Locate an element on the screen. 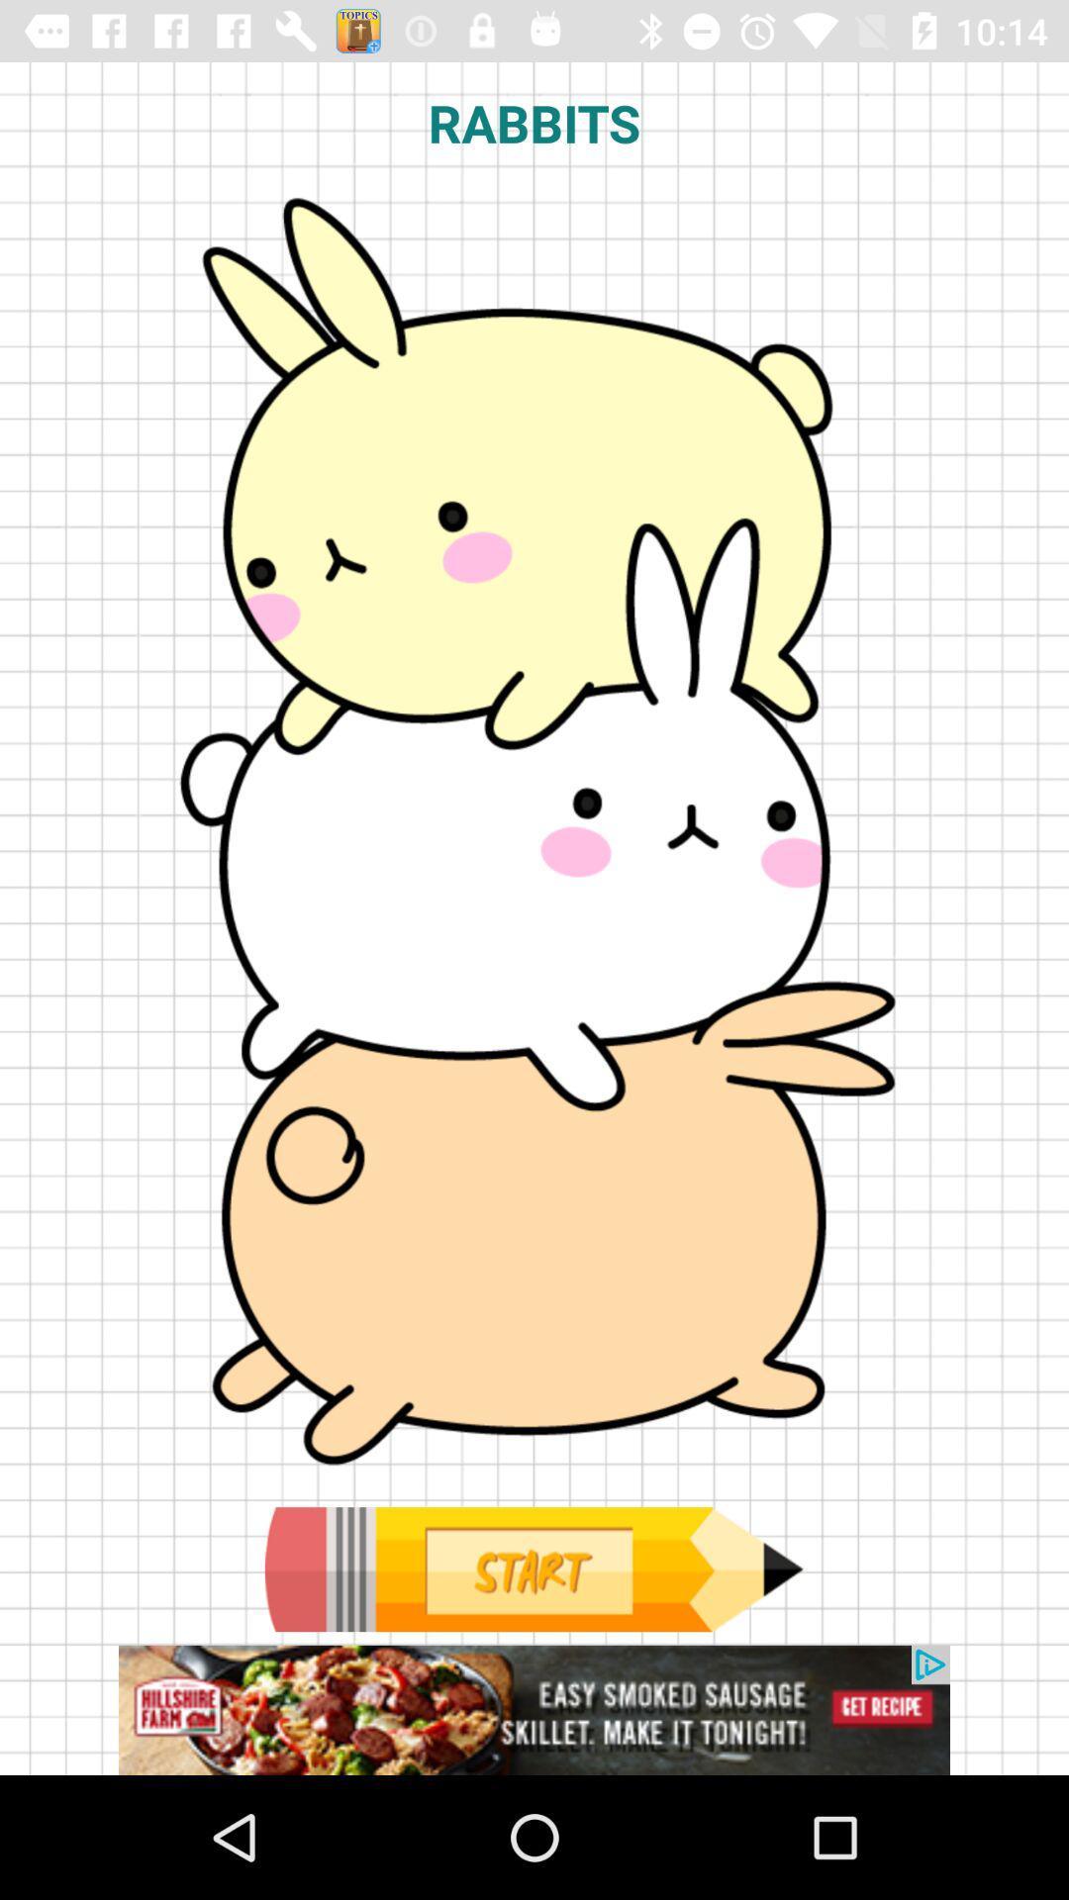  start button is located at coordinates (533, 1568).